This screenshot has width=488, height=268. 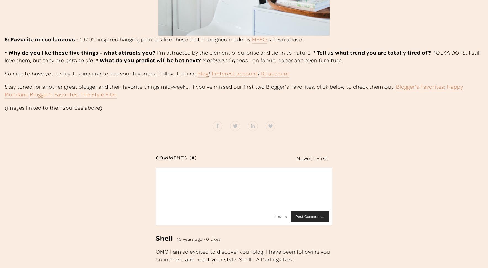 What do you see at coordinates (53, 107) in the screenshot?
I see `'(images linked to their sources above)'` at bounding box center [53, 107].